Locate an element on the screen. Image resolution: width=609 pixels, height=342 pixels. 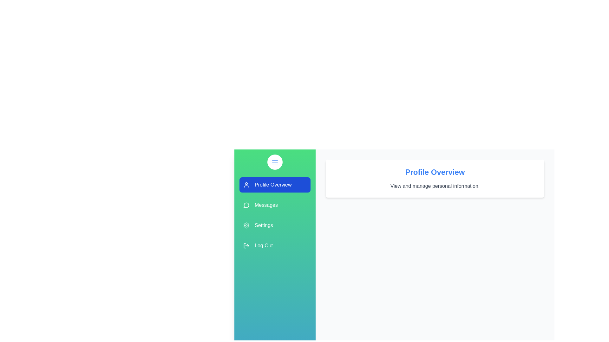
the section Profile Overview by clicking on its corresponding area is located at coordinates (275, 185).